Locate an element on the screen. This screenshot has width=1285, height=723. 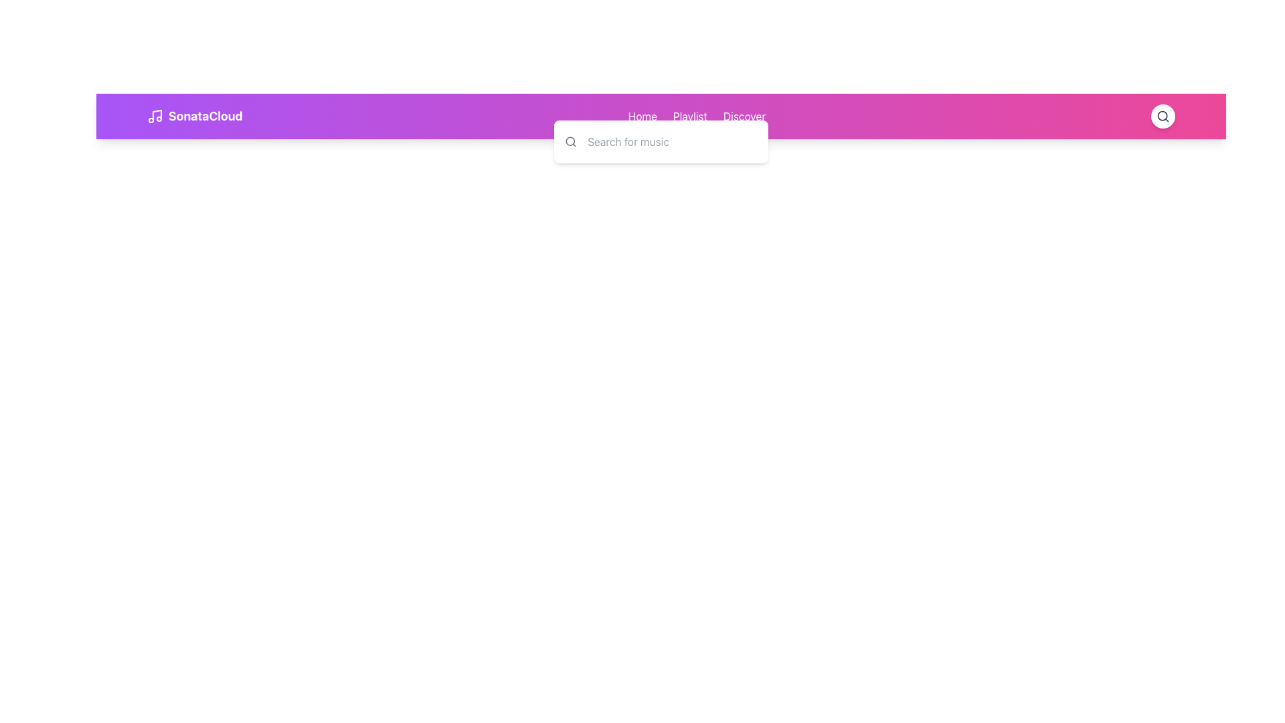
the search icon located at the top-right corner of the interface, which symbolizes the search functionality is located at coordinates (570, 141).